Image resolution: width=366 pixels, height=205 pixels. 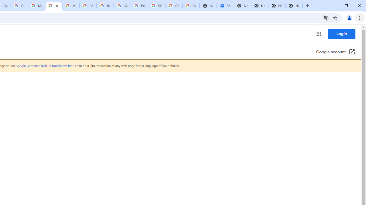 I want to click on 'Translate this page', so click(x=326, y=17).